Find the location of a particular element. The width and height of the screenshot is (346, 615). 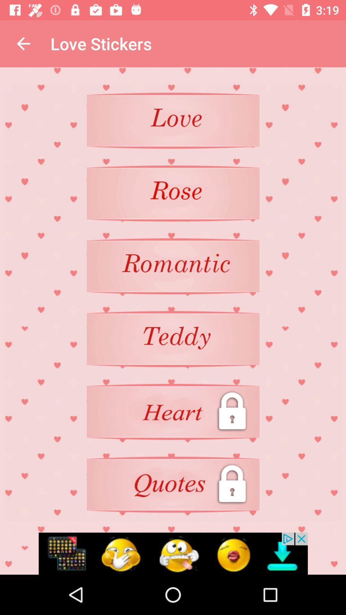

the romantic option is located at coordinates (173, 266).